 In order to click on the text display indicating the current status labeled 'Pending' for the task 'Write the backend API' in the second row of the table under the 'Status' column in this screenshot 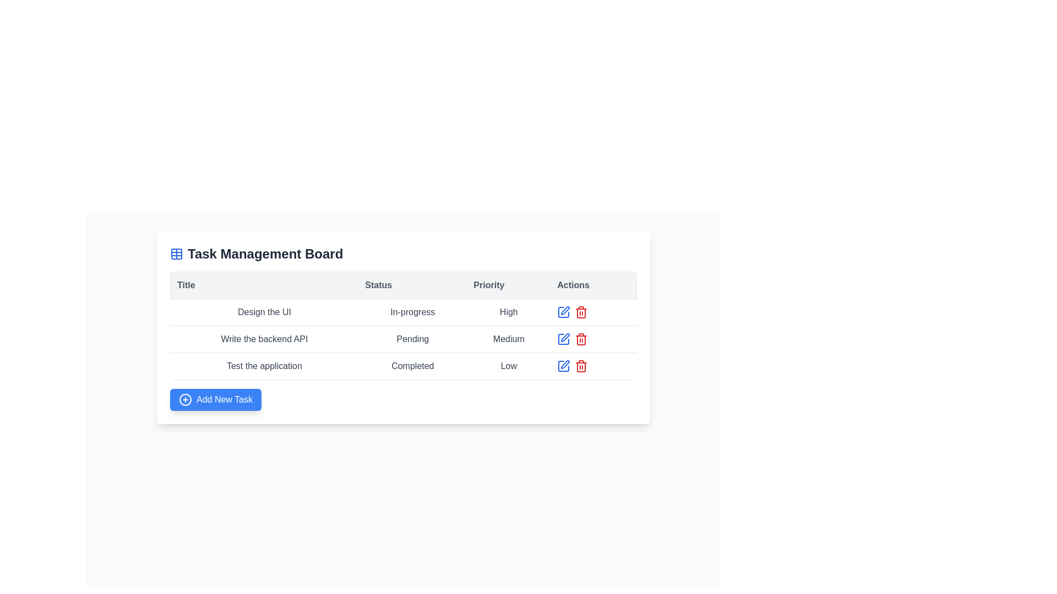, I will do `click(412, 339)`.